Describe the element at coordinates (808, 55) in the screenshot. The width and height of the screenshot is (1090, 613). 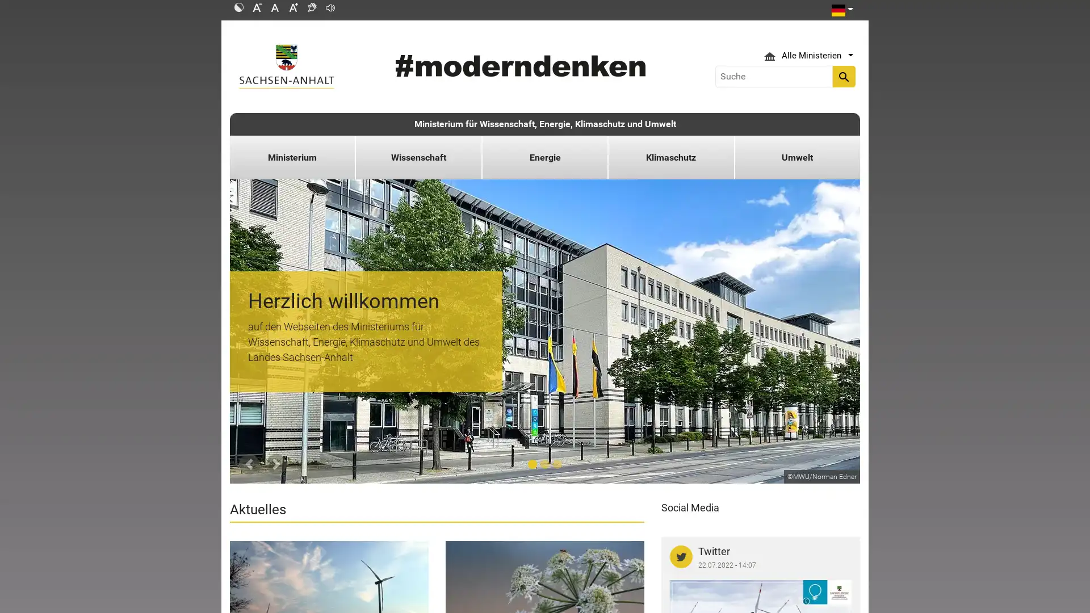
I see `Ministerium Icon Alle Ministerien` at that location.